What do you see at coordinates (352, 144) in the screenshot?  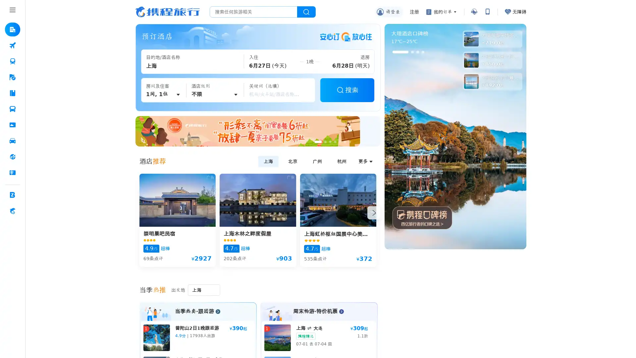 I see `Go to slide 4` at bounding box center [352, 144].